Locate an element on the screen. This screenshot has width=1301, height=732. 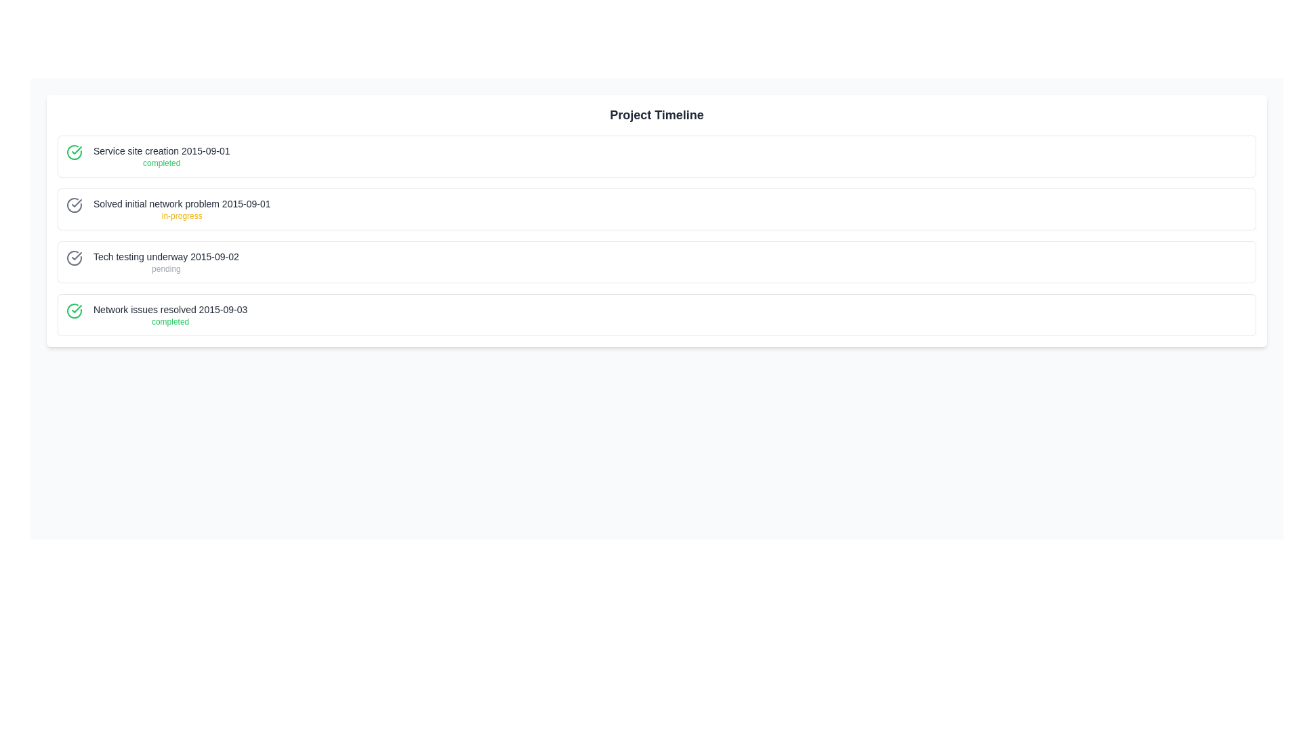
status label displaying 'pending', which is a small gray text label located directly below the larger text 'Tech testing underway 2015-09-02' in the third entry of a vertical list of status items is located at coordinates (165, 269).